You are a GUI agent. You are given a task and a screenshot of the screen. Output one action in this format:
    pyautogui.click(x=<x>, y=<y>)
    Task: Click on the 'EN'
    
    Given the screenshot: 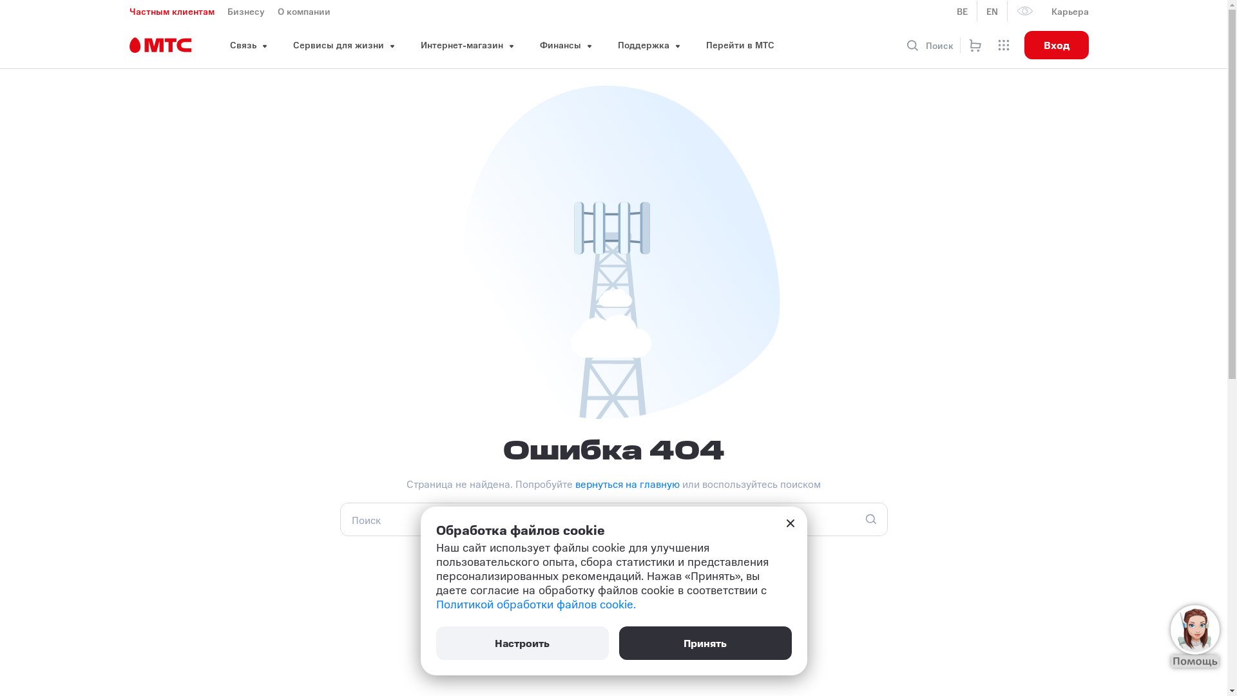 What is the action you would take?
    pyautogui.click(x=992, y=10)
    